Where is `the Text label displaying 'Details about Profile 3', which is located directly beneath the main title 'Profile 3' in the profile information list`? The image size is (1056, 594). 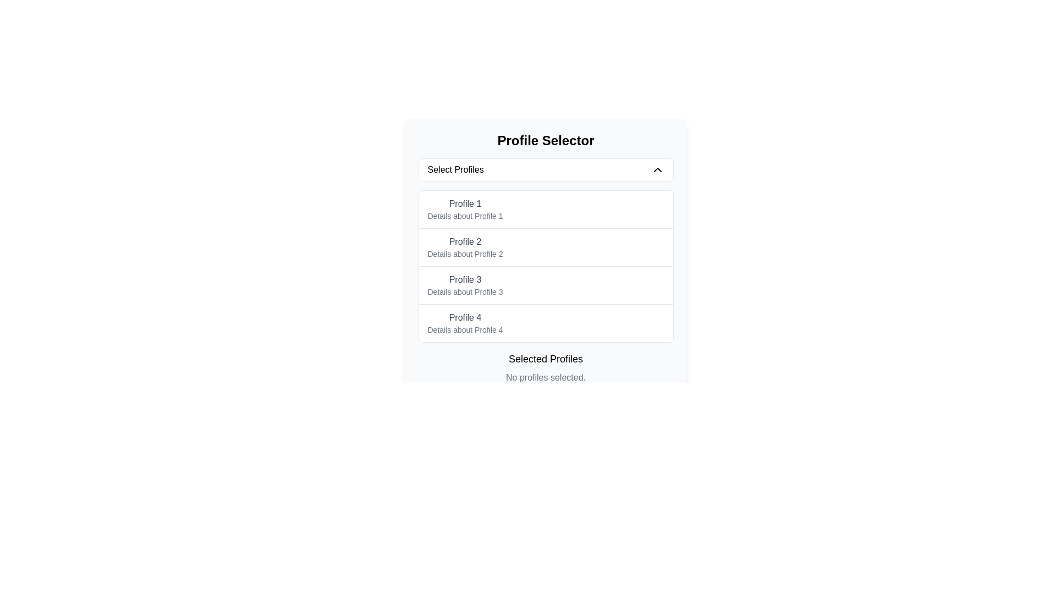
the Text label displaying 'Details about Profile 3', which is located directly beneath the main title 'Profile 3' in the profile information list is located at coordinates (465, 291).